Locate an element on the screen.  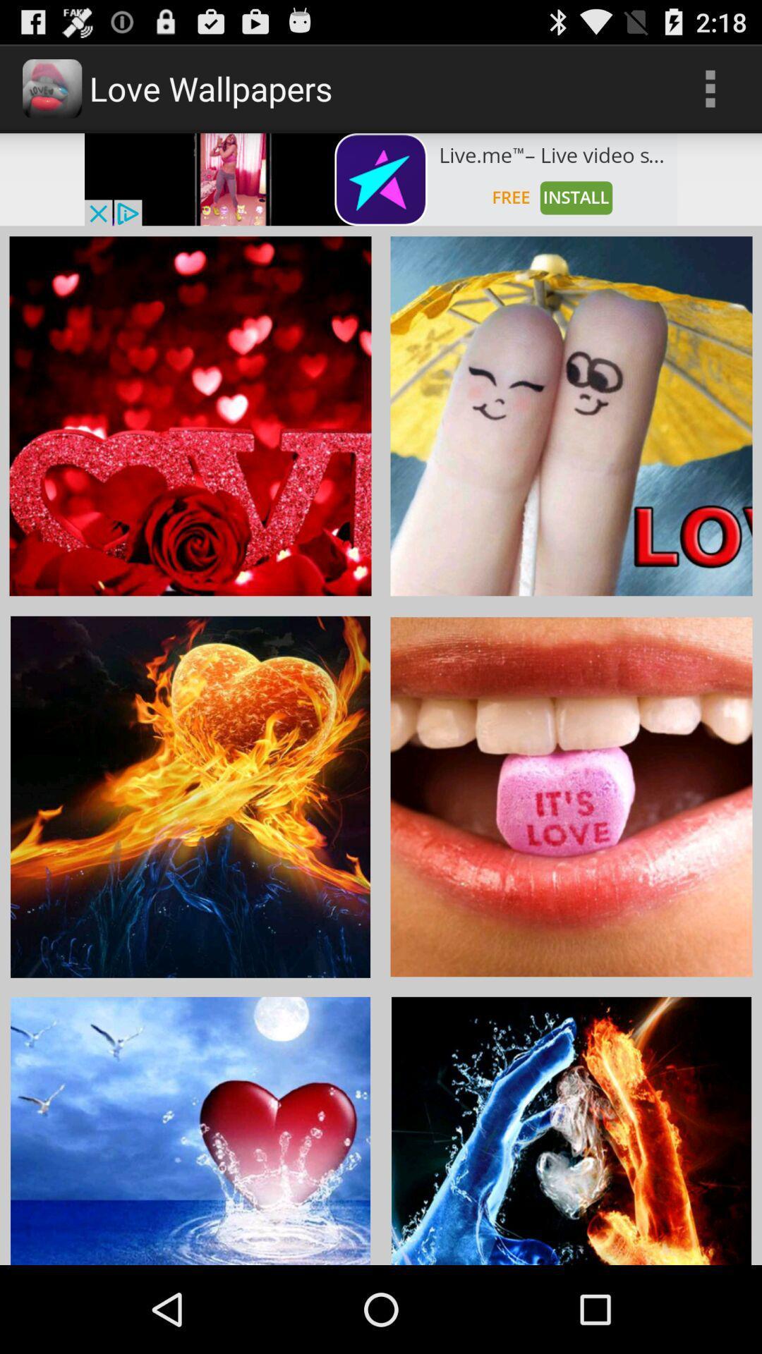
advertisement is located at coordinates (381, 178).